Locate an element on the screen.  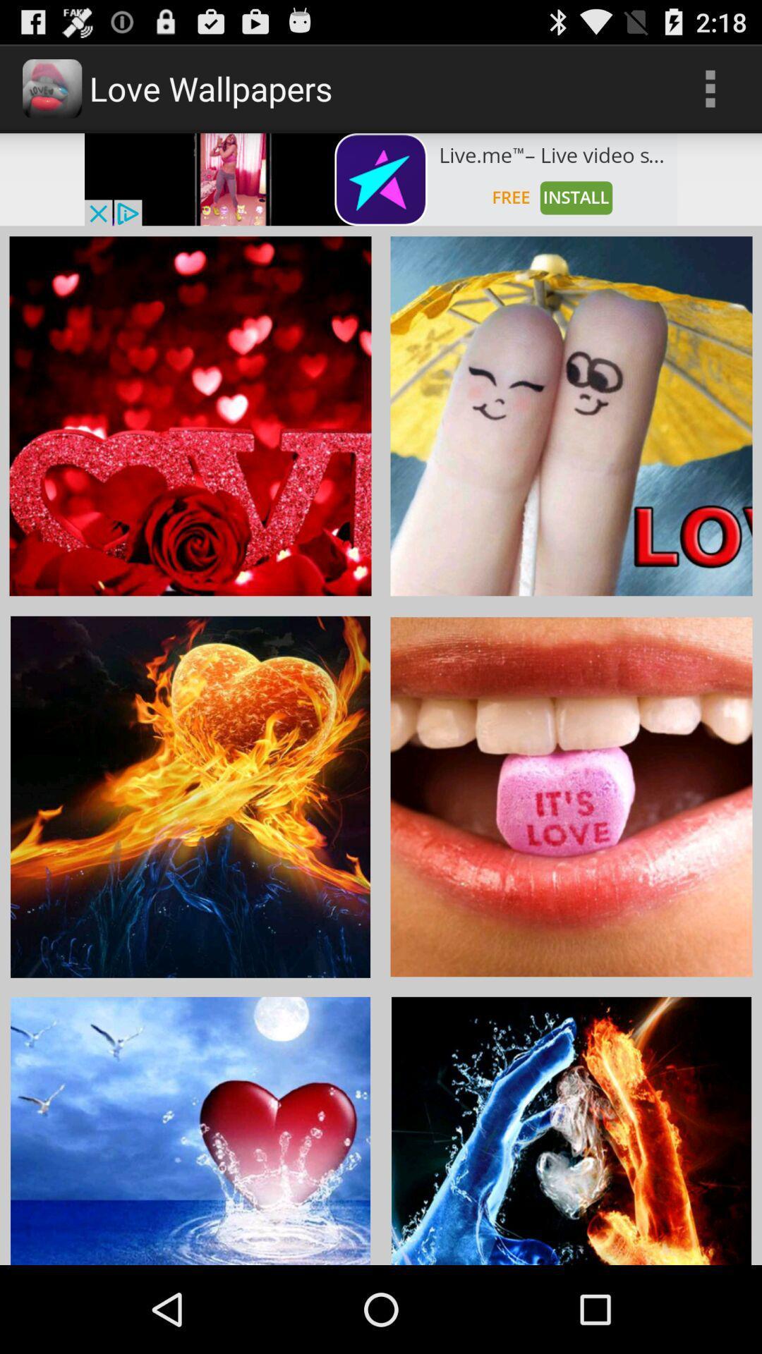
advertisement is located at coordinates (381, 178).